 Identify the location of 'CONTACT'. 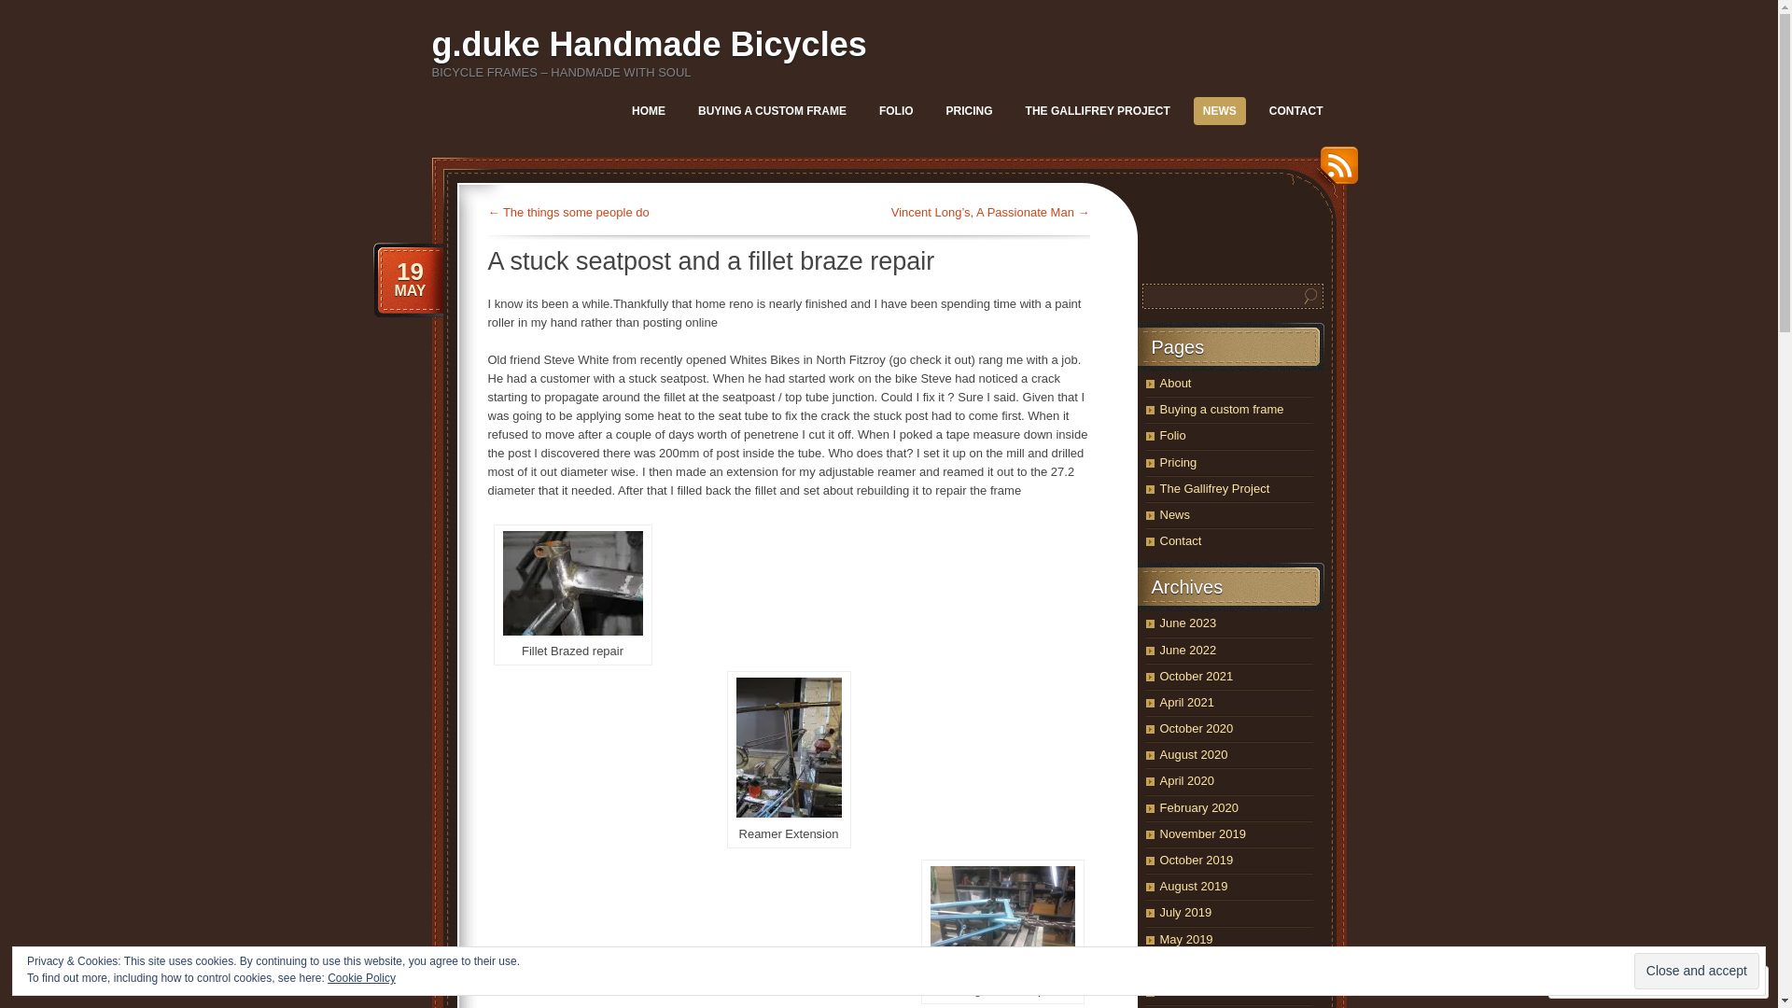
(1295, 111).